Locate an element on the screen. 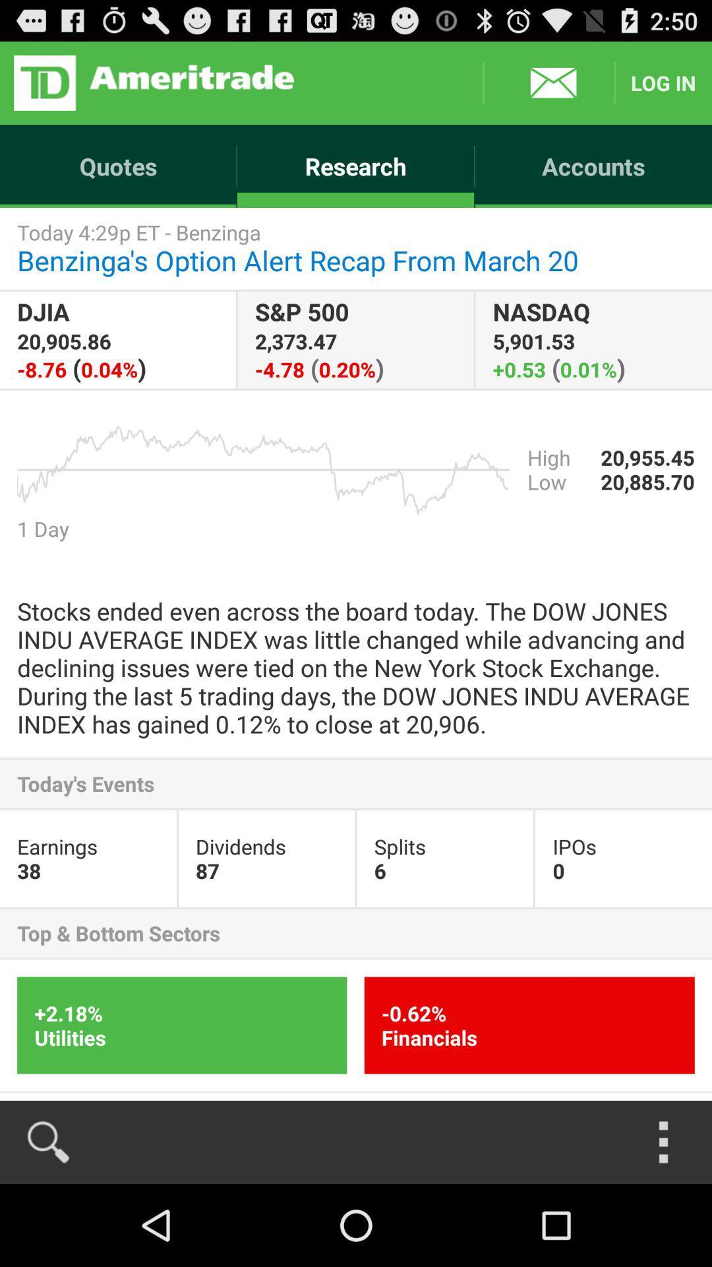  the item above the accounts icon is located at coordinates (663, 82).